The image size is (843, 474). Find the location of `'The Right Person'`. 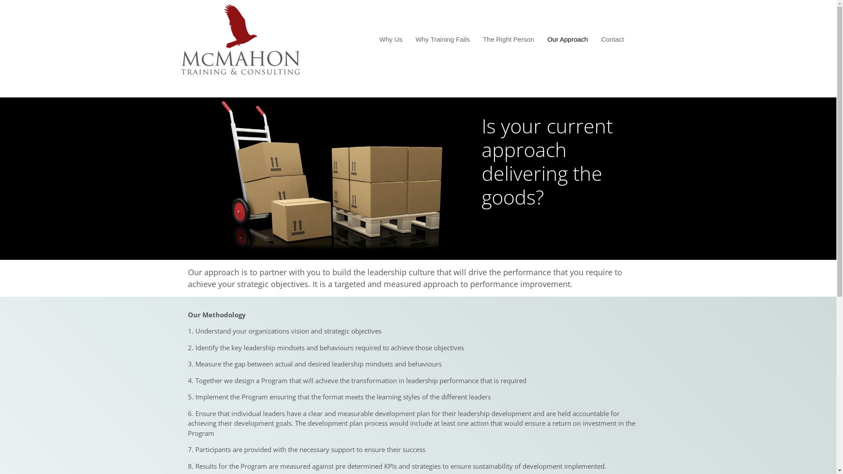

'The Right Person' is located at coordinates (508, 39).